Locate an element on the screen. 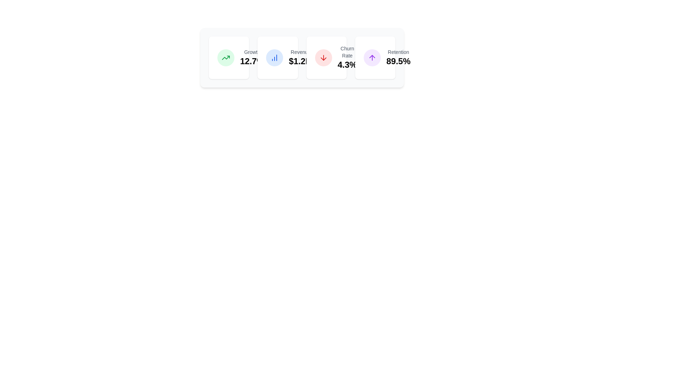  the visual styling of the green line graph icon with an upward trend arrow, which is centrally placed within a green circular background above the text 'Growth' and the value '12.7%' is located at coordinates (225, 57).